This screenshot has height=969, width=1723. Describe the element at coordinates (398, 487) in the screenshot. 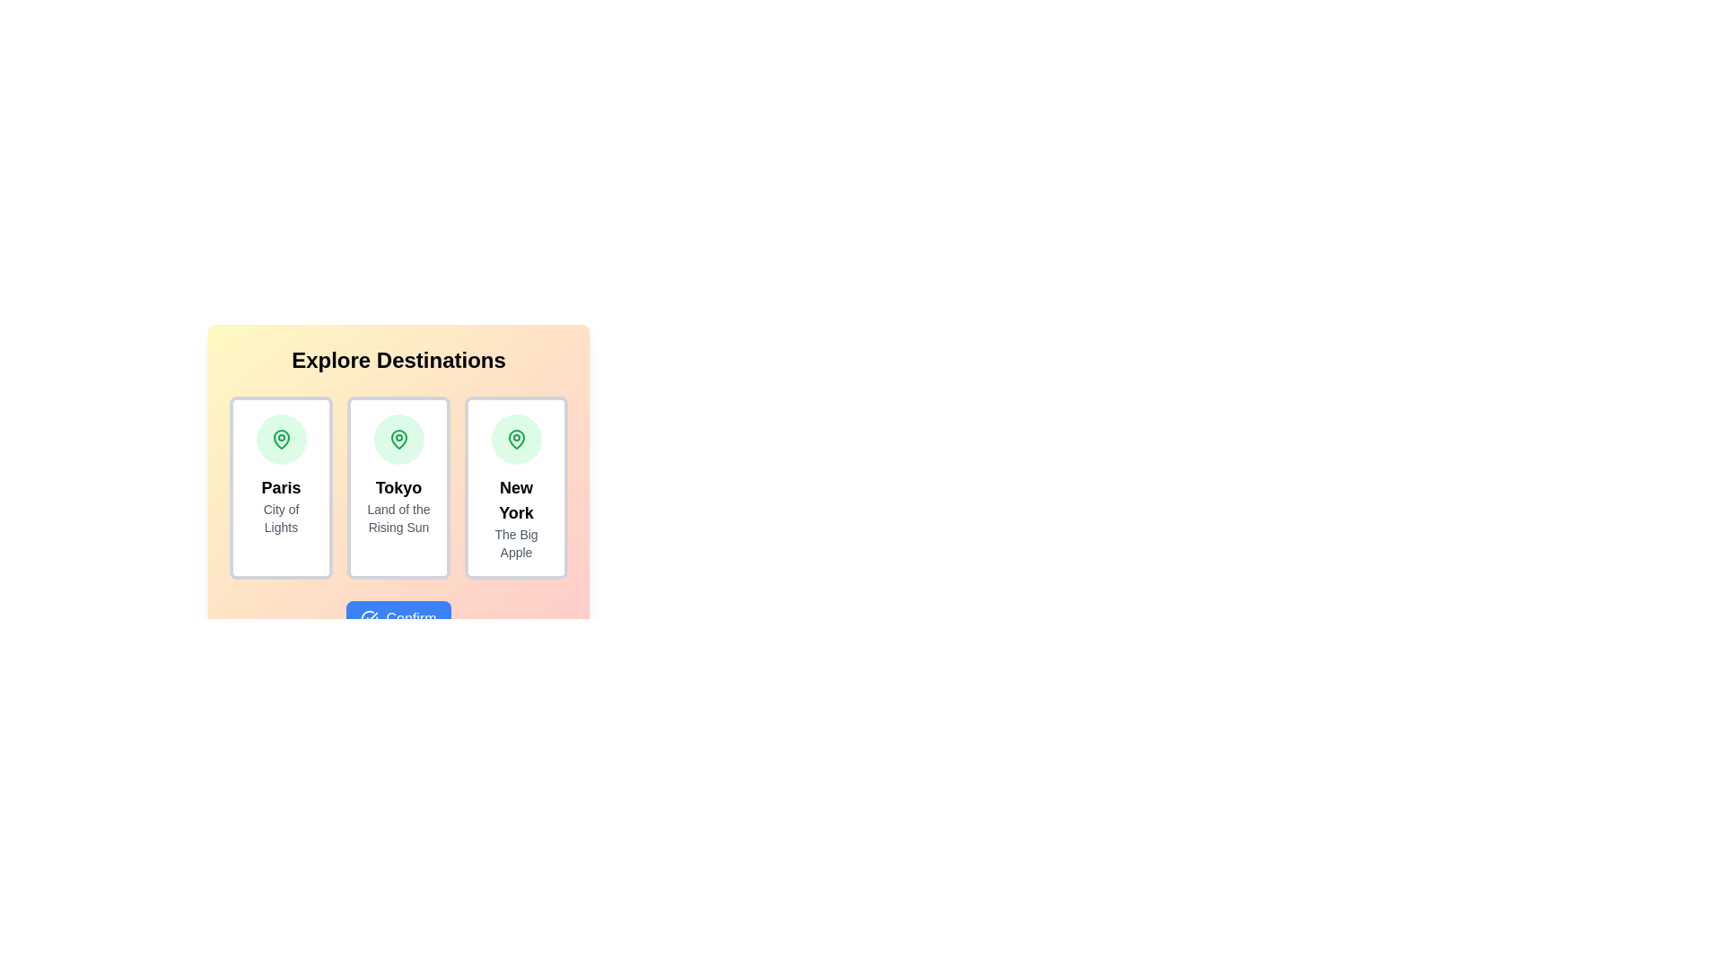

I see `the card representing Tokyo to select it` at that location.